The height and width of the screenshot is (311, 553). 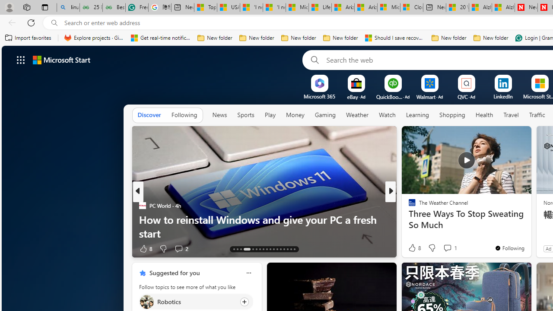 I want to click on '61 Like', so click(x=413, y=248).